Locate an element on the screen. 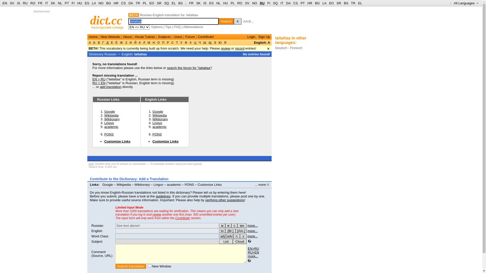 The width and height of the screenshot is (486, 273). 'TR' is located at coordinates (138, 3).